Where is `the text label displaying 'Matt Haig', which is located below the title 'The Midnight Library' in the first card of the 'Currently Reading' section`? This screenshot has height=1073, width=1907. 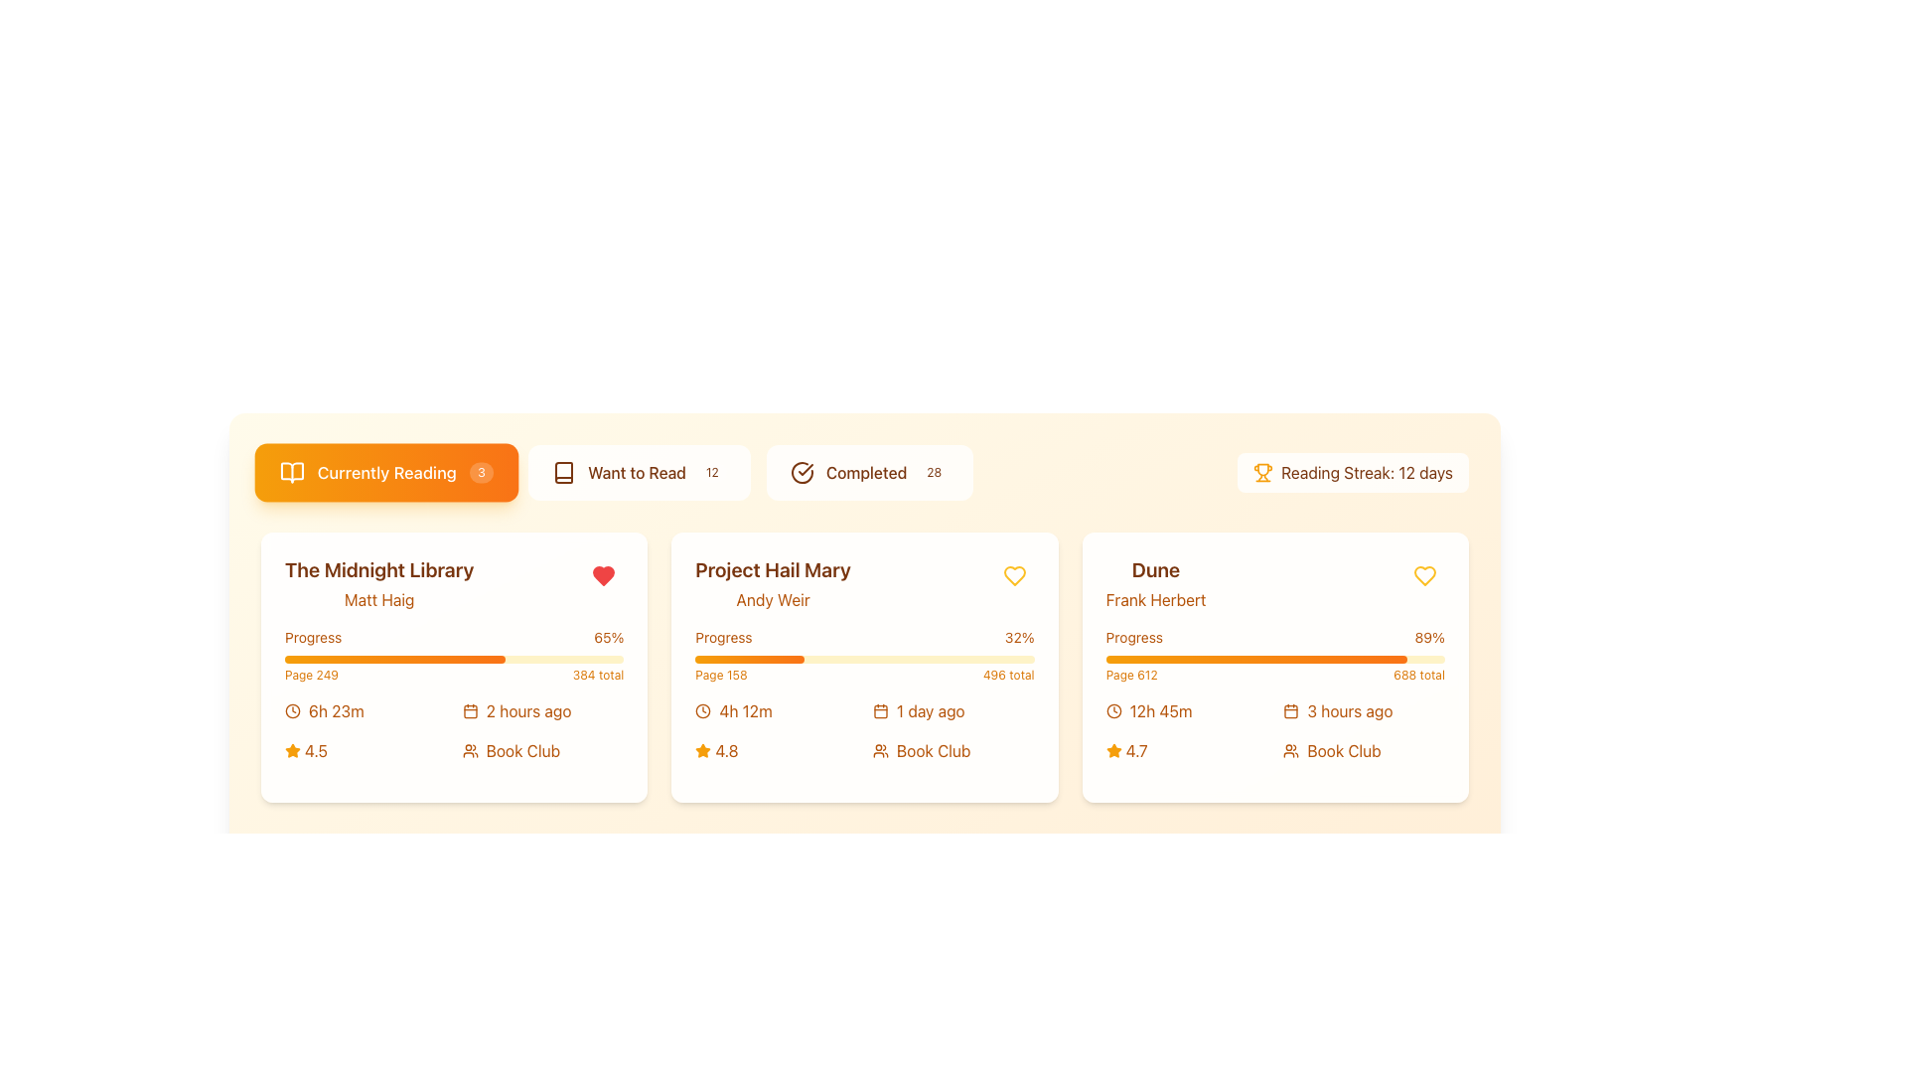
the text label displaying 'Matt Haig', which is located below the title 'The Midnight Library' in the first card of the 'Currently Reading' section is located at coordinates (379, 599).